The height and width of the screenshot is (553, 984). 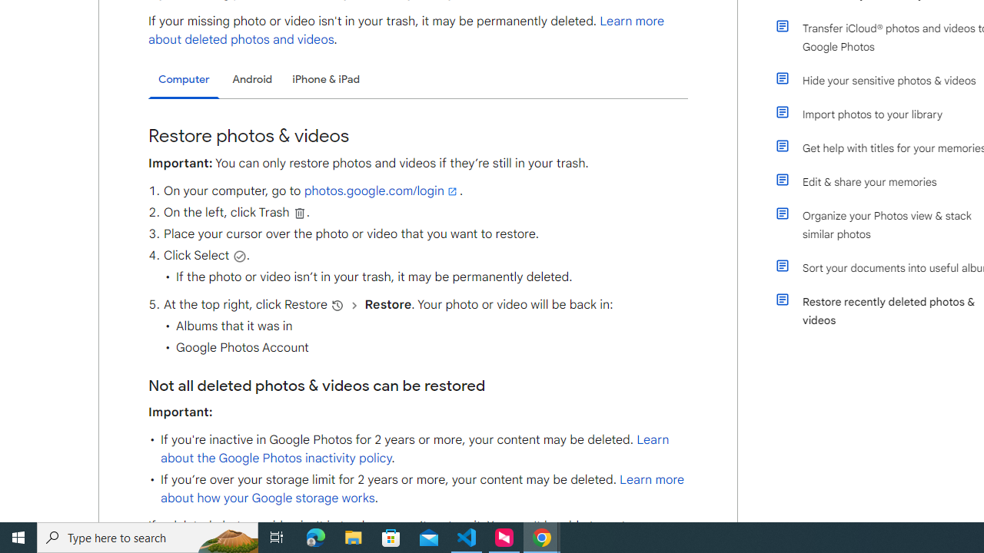 I want to click on 'Learn more about how your Google storage works', so click(x=422, y=488).